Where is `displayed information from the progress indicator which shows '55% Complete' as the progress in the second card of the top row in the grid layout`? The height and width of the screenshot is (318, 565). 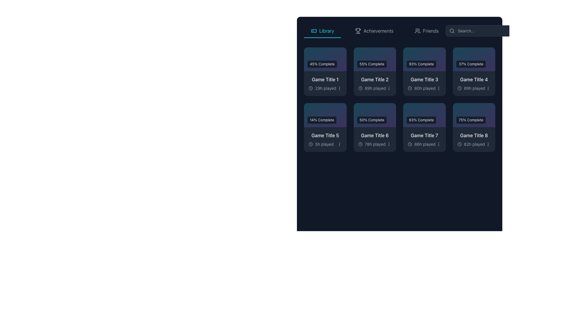 displayed information from the progress indicator which shows '55% Complete' as the progress in the second card of the top row in the grid layout is located at coordinates (374, 59).